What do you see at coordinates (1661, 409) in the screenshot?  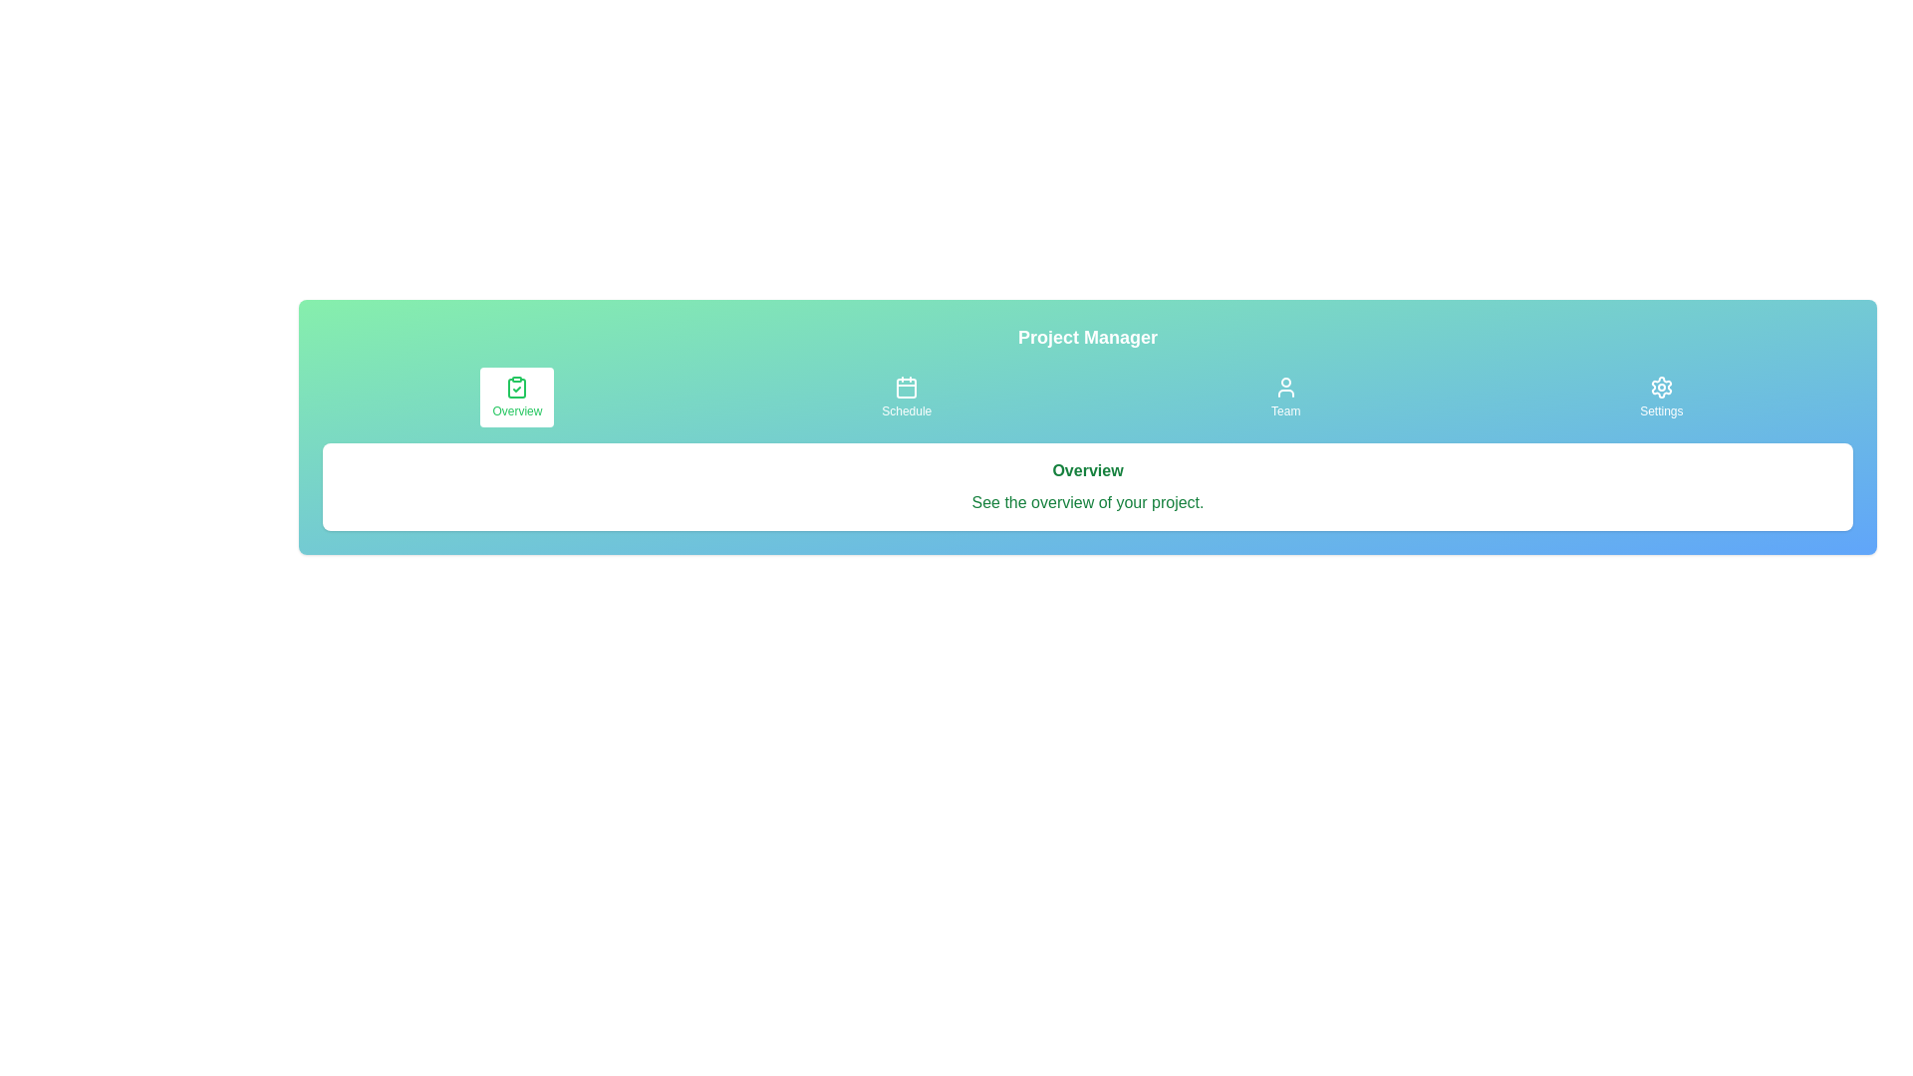 I see `the 'Settings' text label in the menu bar located in the top right section of the interface, which is styled in a small font size and positioned under a gear icon` at bounding box center [1661, 409].